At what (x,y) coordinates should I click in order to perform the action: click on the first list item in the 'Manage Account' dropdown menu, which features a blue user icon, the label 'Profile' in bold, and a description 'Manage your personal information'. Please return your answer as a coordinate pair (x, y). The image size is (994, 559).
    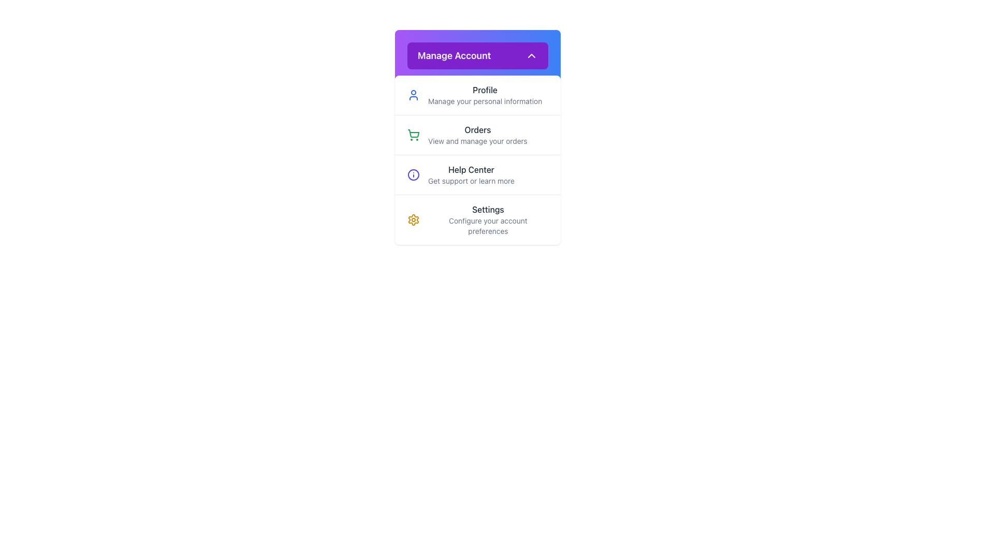
    Looking at the image, I should click on (477, 95).